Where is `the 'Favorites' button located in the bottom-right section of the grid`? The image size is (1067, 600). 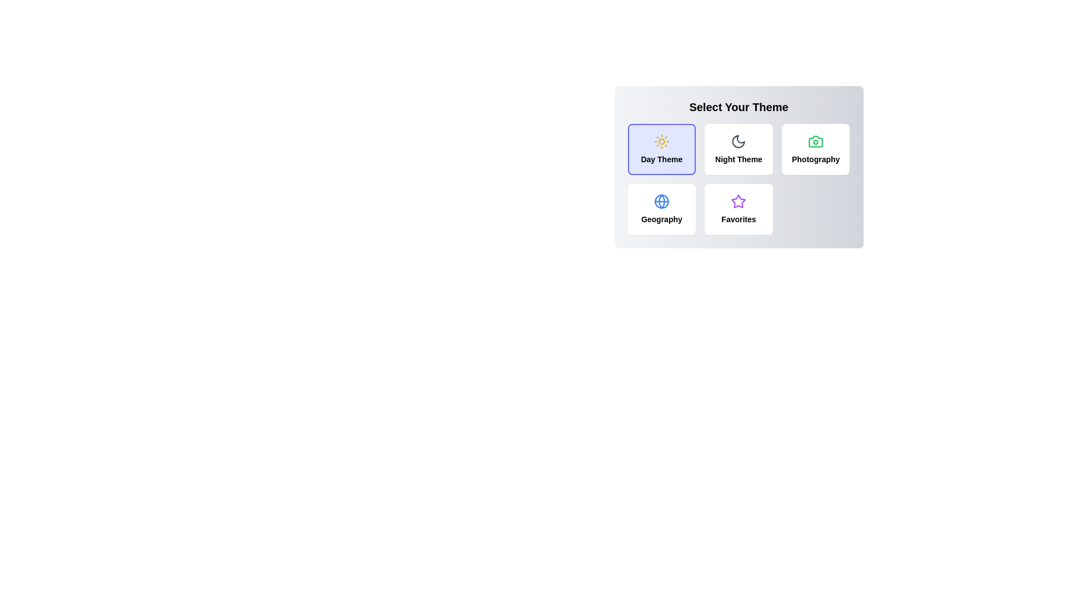 the 'Favorites' button located in the bottom-right section of the grid is located at coordinates (739, 209).